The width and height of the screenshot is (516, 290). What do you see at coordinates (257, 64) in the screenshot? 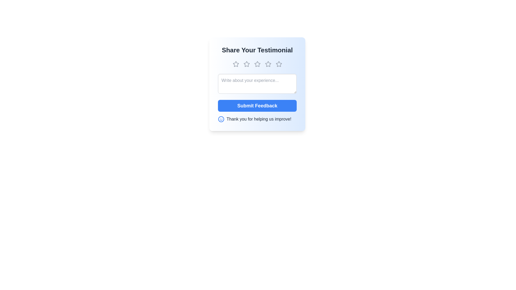
I see `the star corresponding to the desired rating of 3` at bounding box center [257, 64].